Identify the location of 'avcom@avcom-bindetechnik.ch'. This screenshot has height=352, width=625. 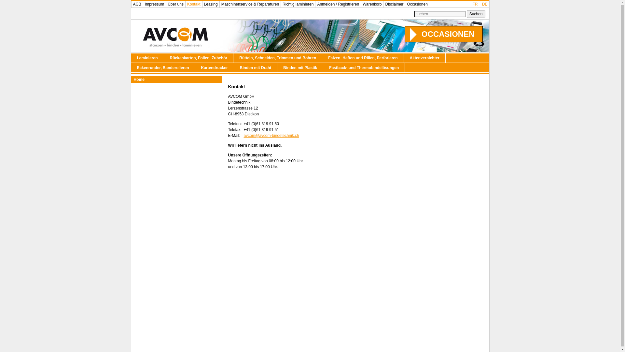
(243, 135).